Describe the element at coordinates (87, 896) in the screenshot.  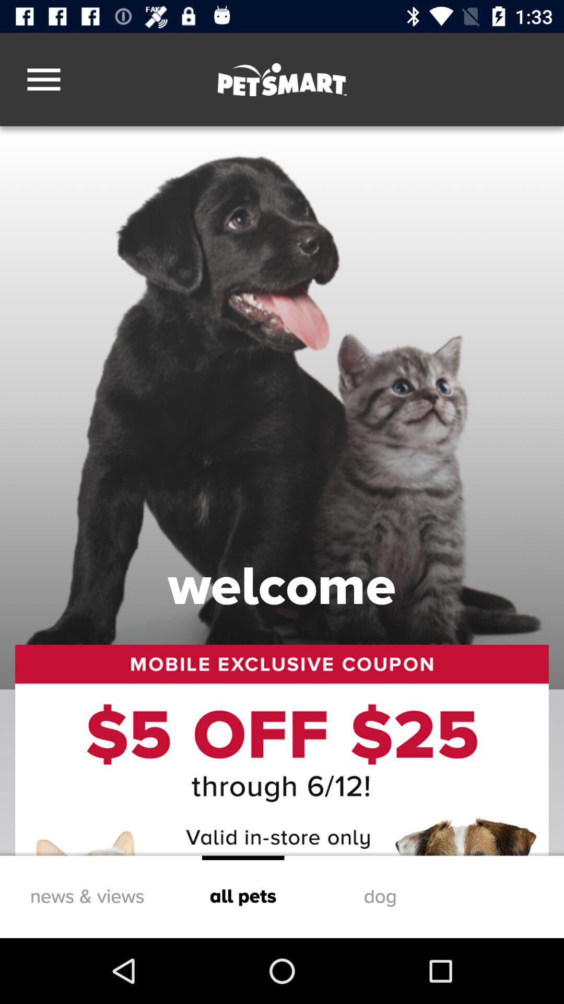
I see `news & views icon` at that location.